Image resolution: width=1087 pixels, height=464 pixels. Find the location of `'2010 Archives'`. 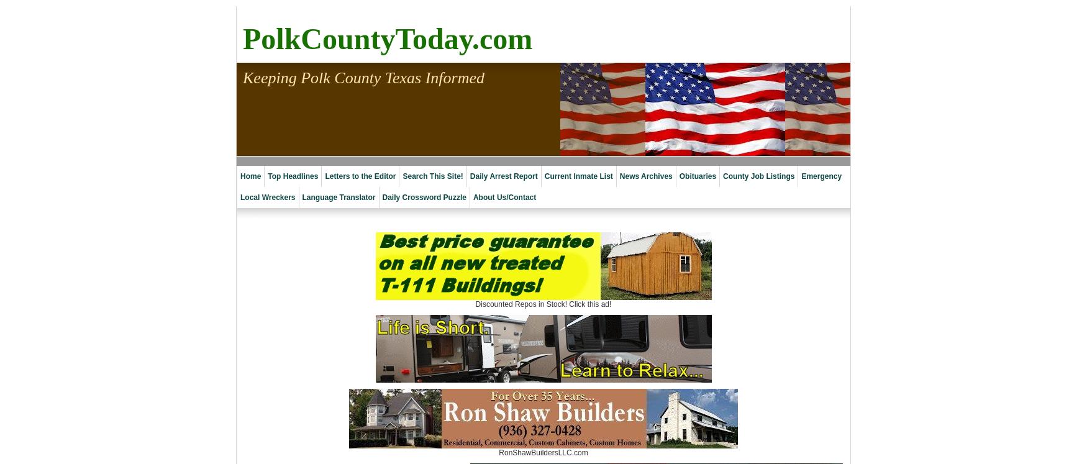

'2010 Archives' is located at coordinates (643, 240).